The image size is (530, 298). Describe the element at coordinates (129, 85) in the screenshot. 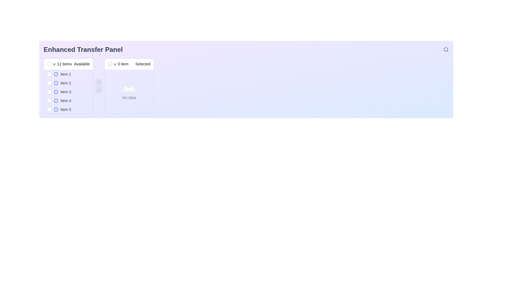

I see `the decorative graphical element located centrally within the 'Selected' box, positioned on the right-hand side of the panel, between the button symbols and the textual indicator 'No data'` at that location.